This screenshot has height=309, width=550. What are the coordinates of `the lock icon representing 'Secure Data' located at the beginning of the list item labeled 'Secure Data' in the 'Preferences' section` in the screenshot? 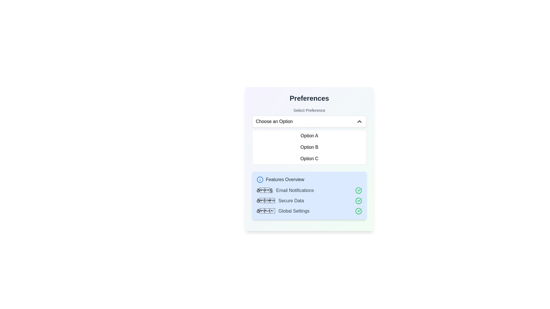 It's located at (265, 201).